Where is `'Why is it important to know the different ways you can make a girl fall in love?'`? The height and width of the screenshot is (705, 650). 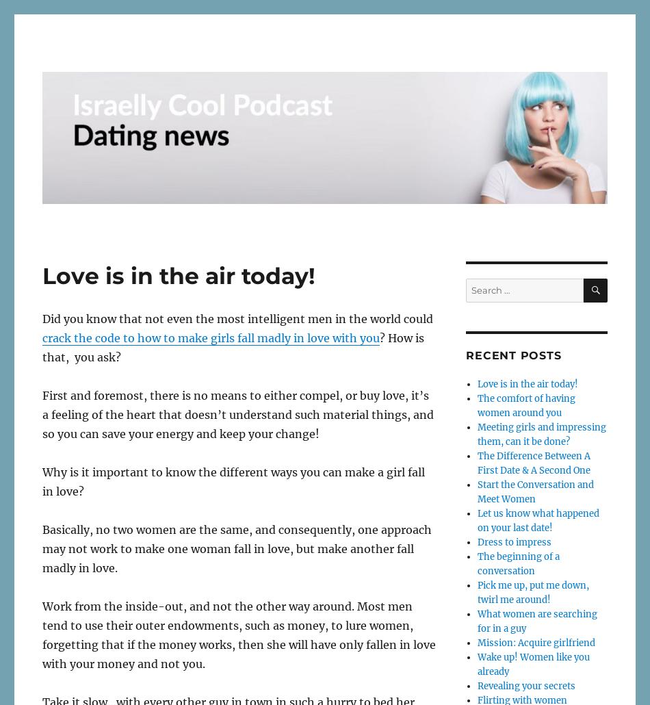
'Why is it important to know the different ways you can make a girl fall in love?' is located at coordinates (233, 480).